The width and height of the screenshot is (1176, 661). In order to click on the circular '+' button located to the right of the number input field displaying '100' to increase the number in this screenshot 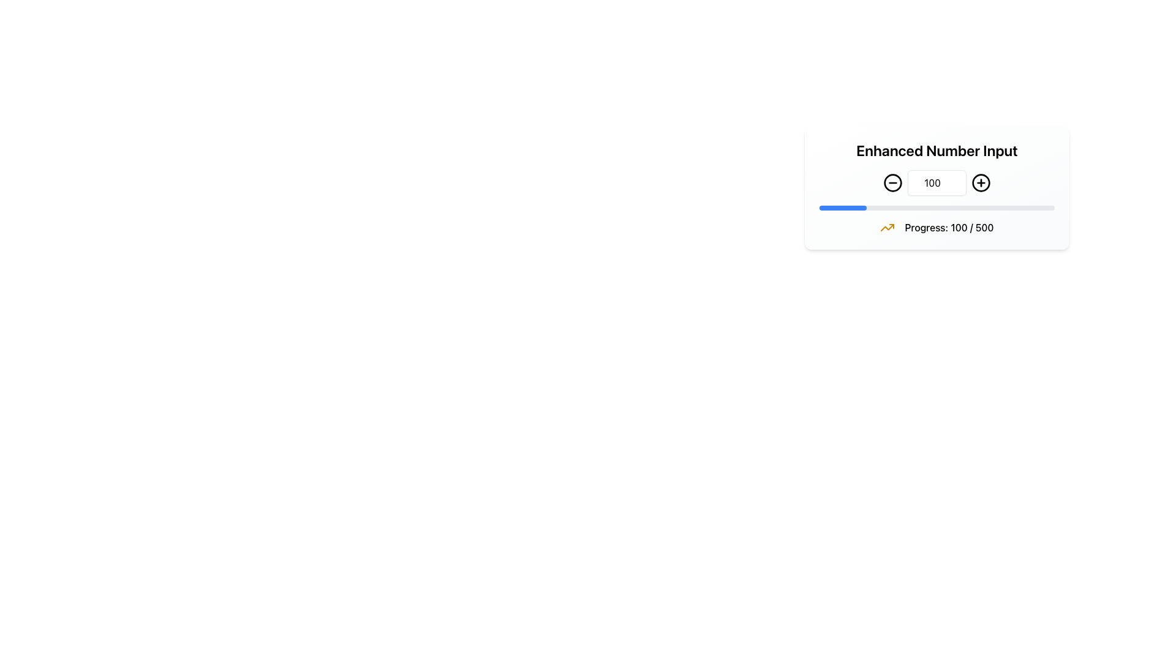, I will do `click(981, 183)`.